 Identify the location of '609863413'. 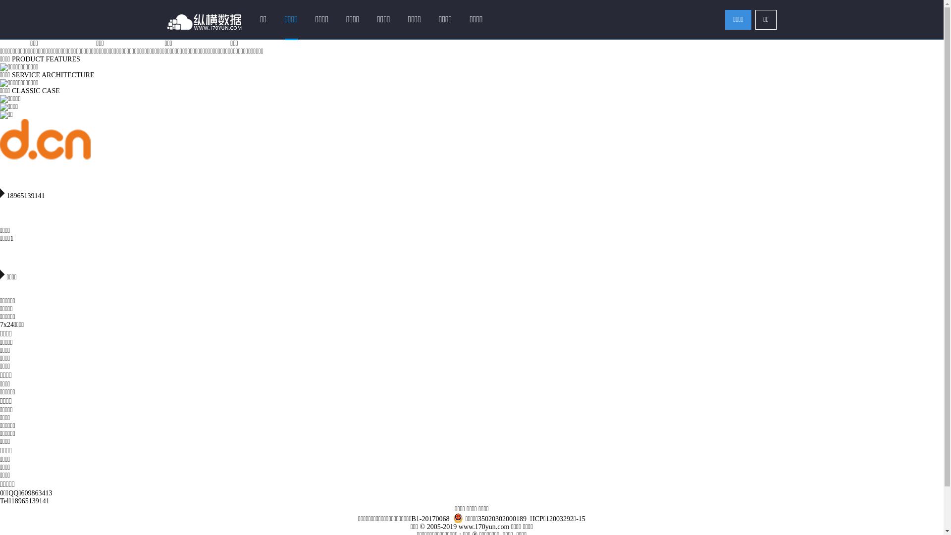
(37, 493).